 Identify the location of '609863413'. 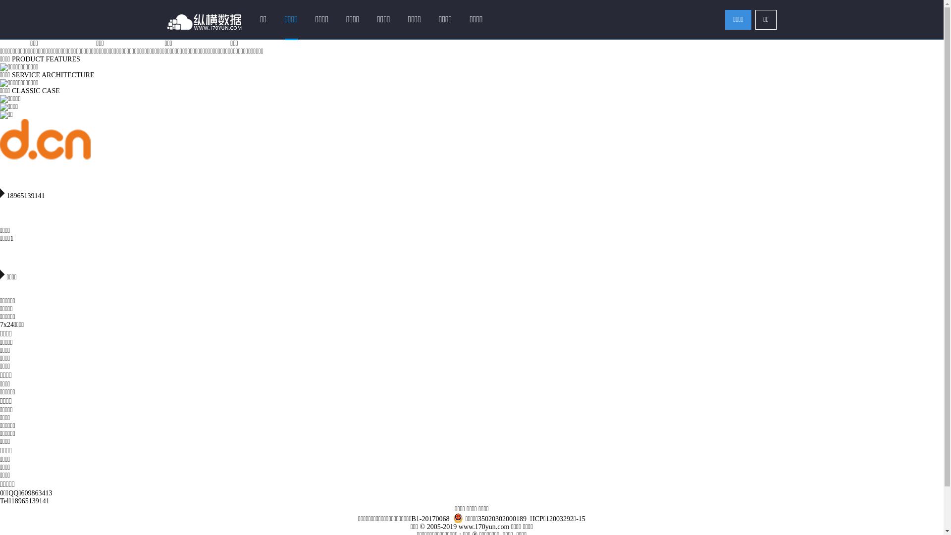
(37, 493).